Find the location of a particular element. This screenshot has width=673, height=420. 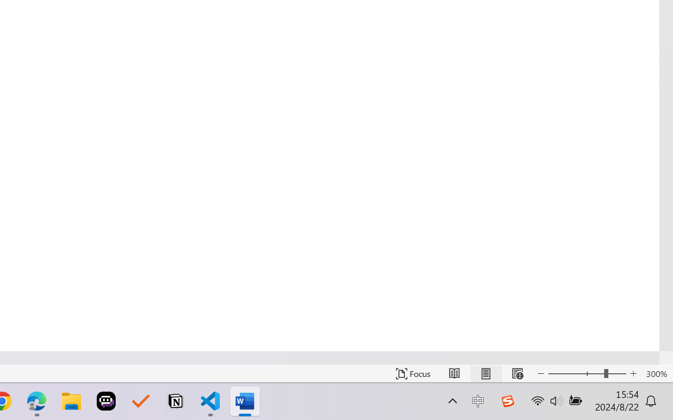

'Class: Image' is located at coordinates (507, 401).